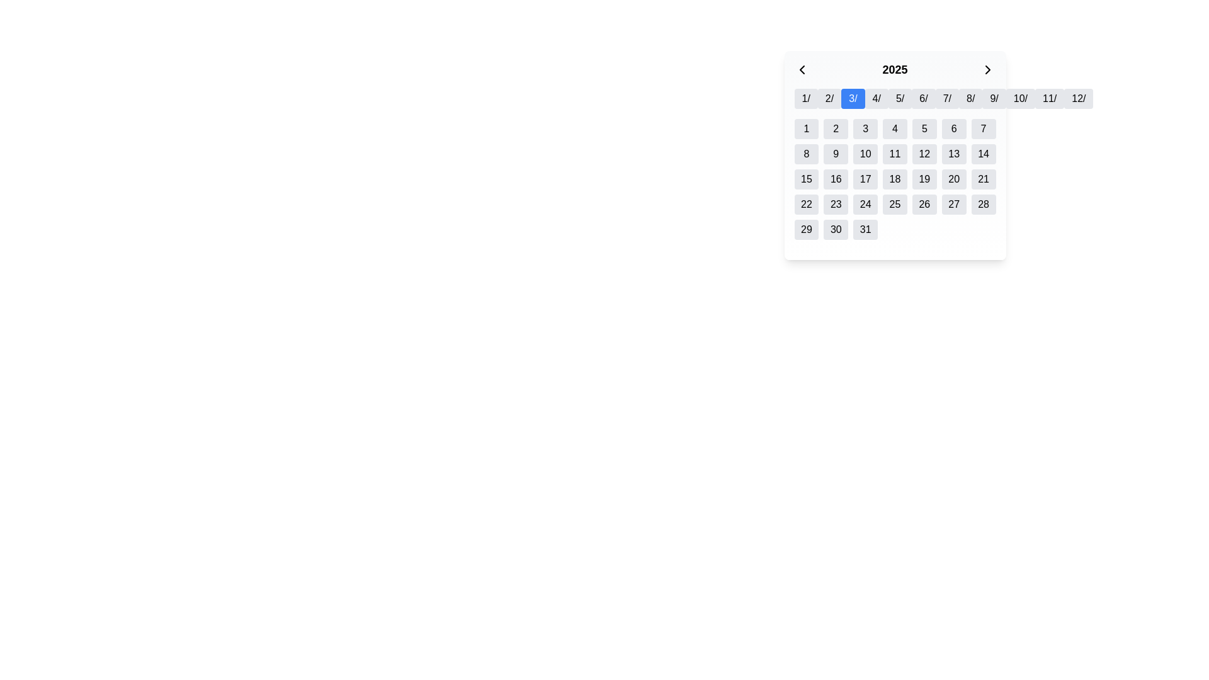 This screenshot has width=1209, height=680. What do you see at coordinates (894, 70) in the screenshot?
I see `the Text Label that displays the currently active year in the calendar interface, which is centrally positioned and flanked by navigation arrows` at bounding box center [894, 70].